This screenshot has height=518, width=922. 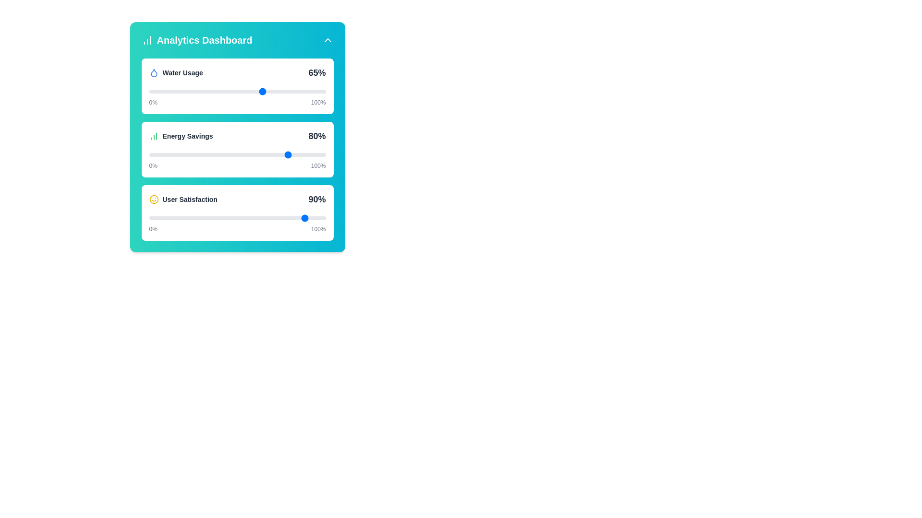 What do you see at coordinates (248, 92) in the screenshot?
I see `the water usage slider` at bounding box center [248, 92].